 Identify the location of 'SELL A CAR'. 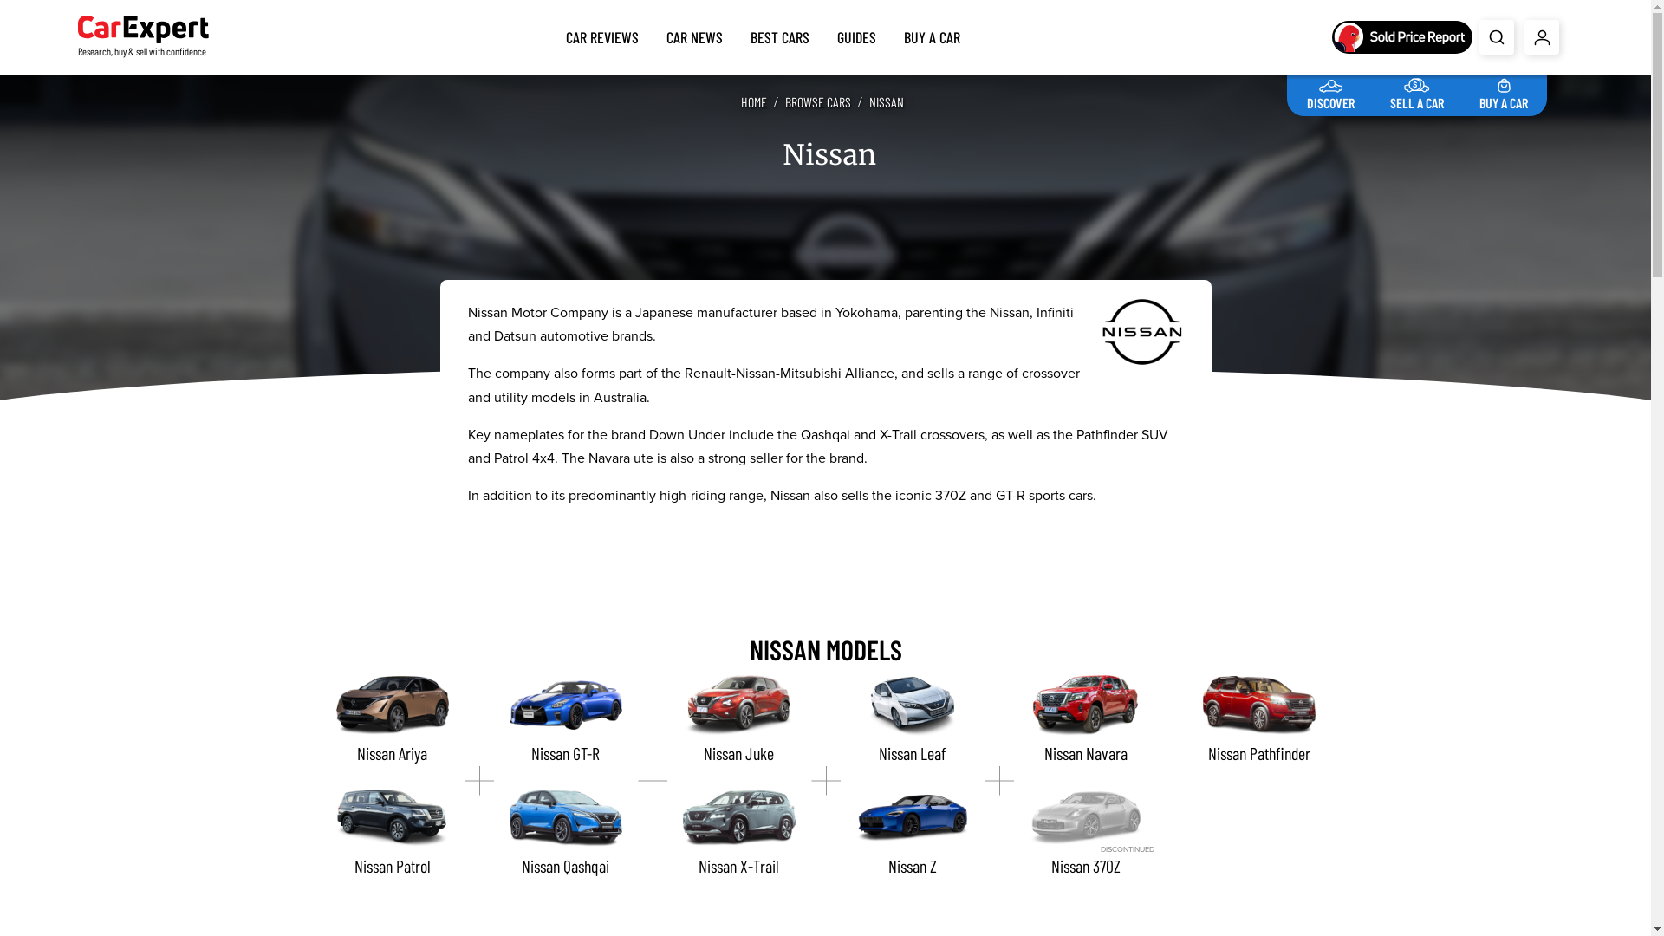
(1417, 91).